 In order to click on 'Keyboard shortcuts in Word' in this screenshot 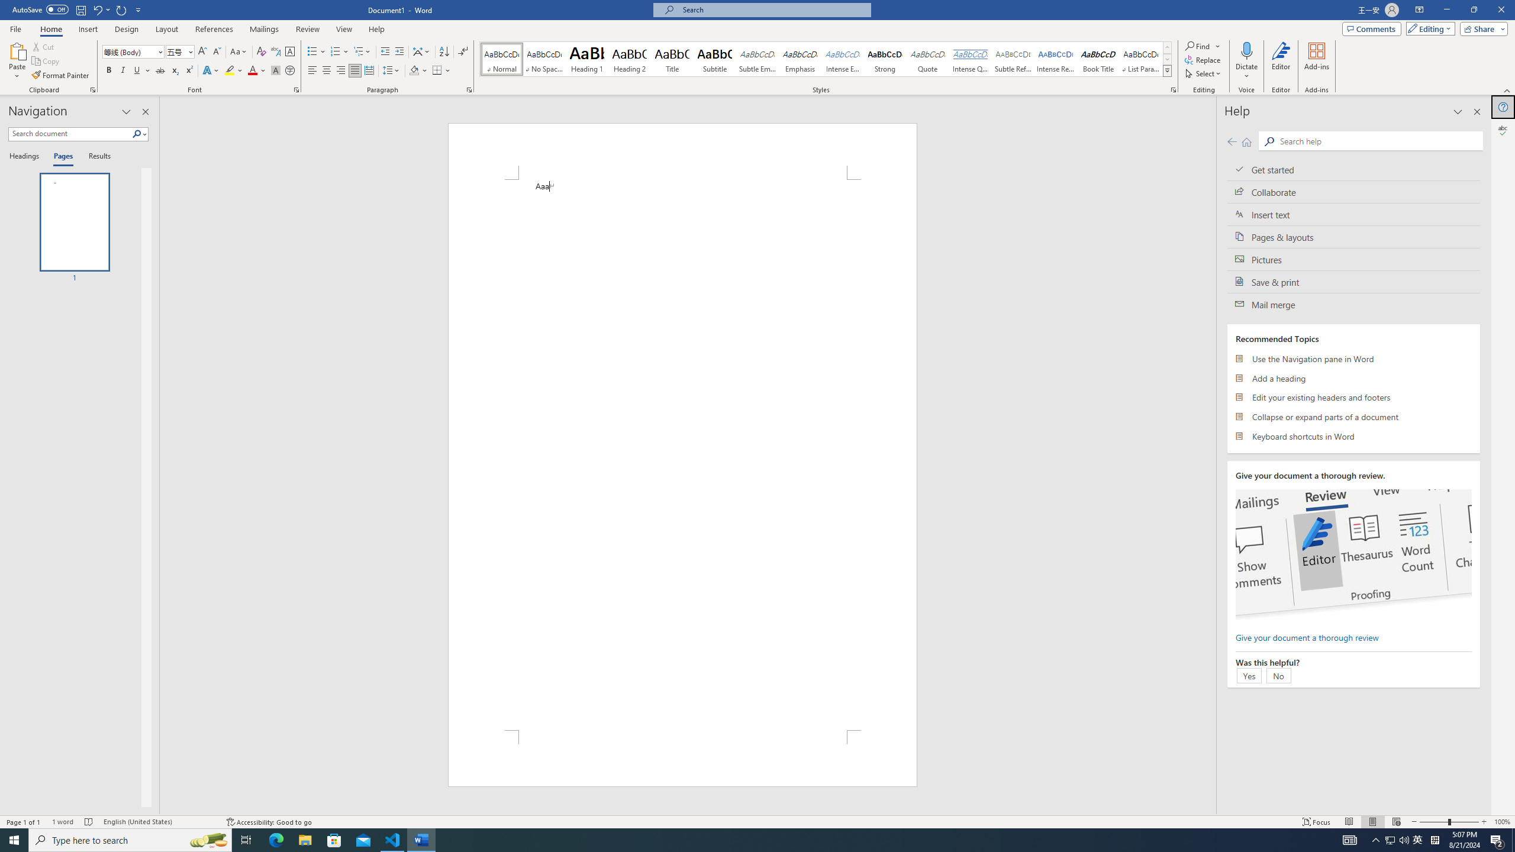, I will do `click(1353, 435)`.